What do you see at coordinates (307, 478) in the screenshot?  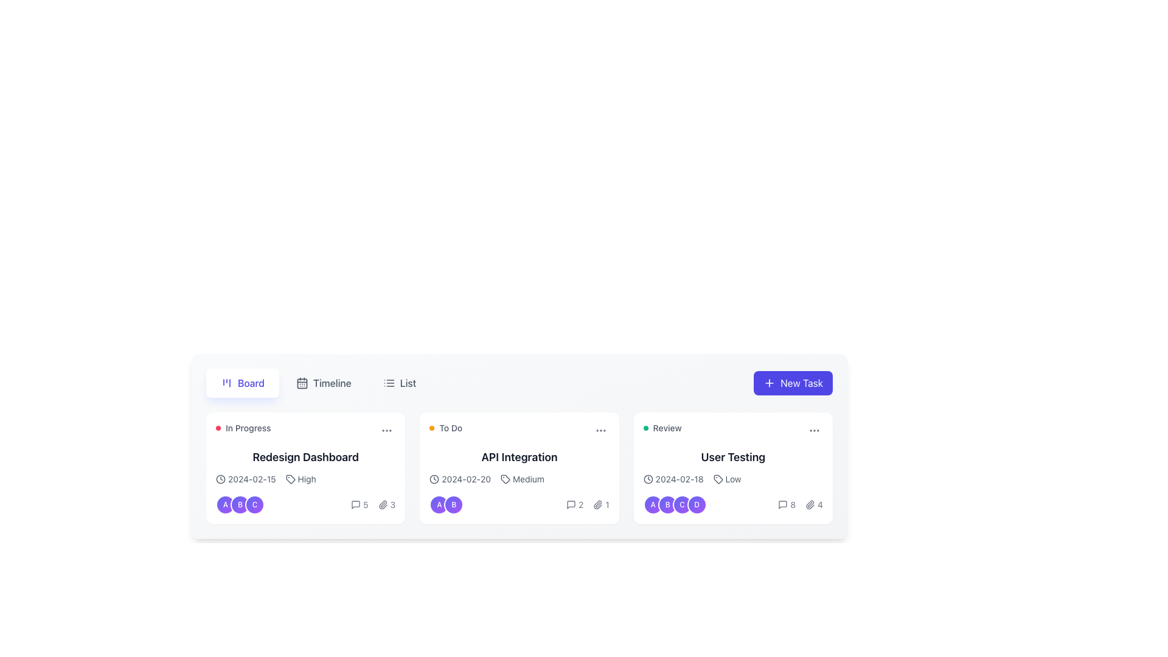 I see `the 'High' label styled in bold gray font, located within the upper-left card of a grid layout, positioned to the right of a tag icon` at bounding box center [307, 478].